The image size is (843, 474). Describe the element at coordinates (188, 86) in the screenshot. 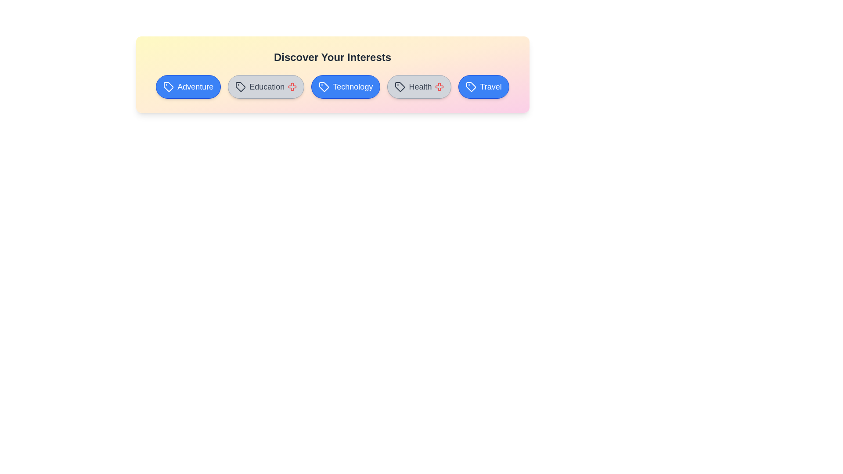

I see `the tag labeled Adventure to observe the hover effect` at that location.